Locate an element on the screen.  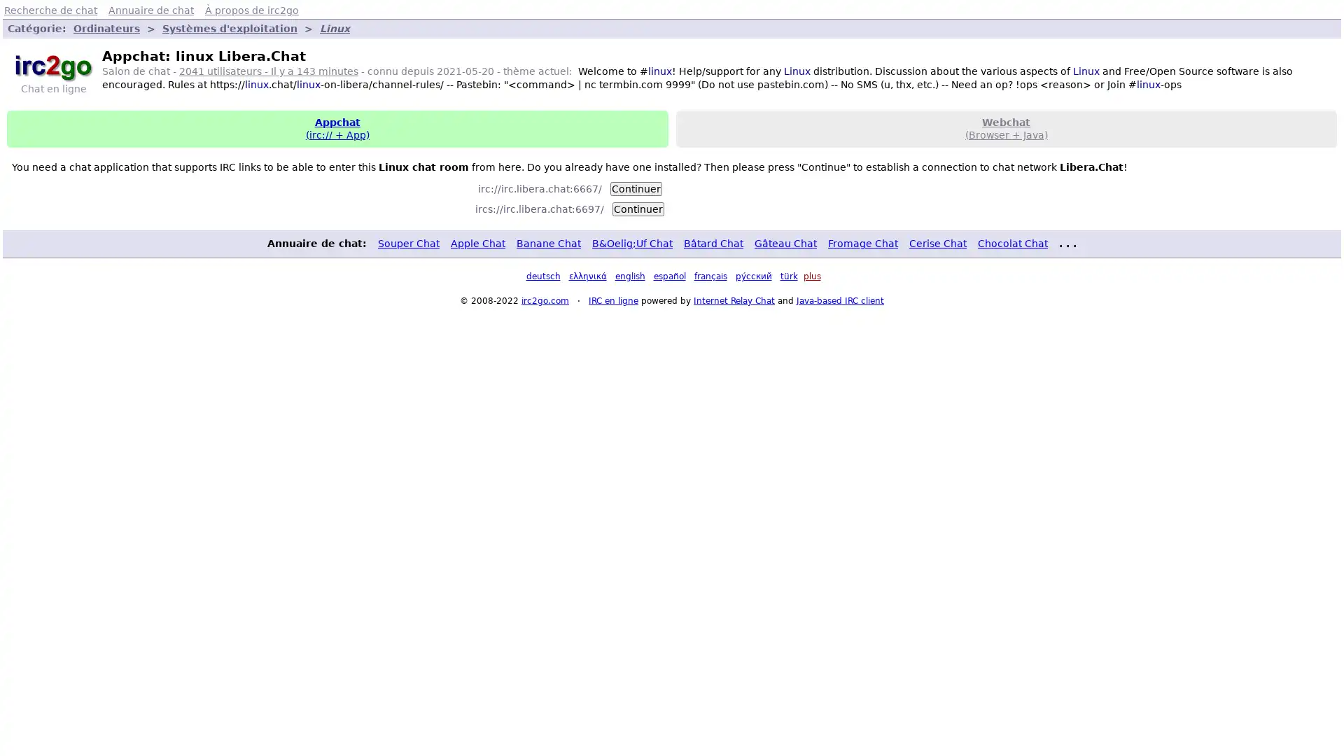
Continuer is located at coordinates (638, 208).